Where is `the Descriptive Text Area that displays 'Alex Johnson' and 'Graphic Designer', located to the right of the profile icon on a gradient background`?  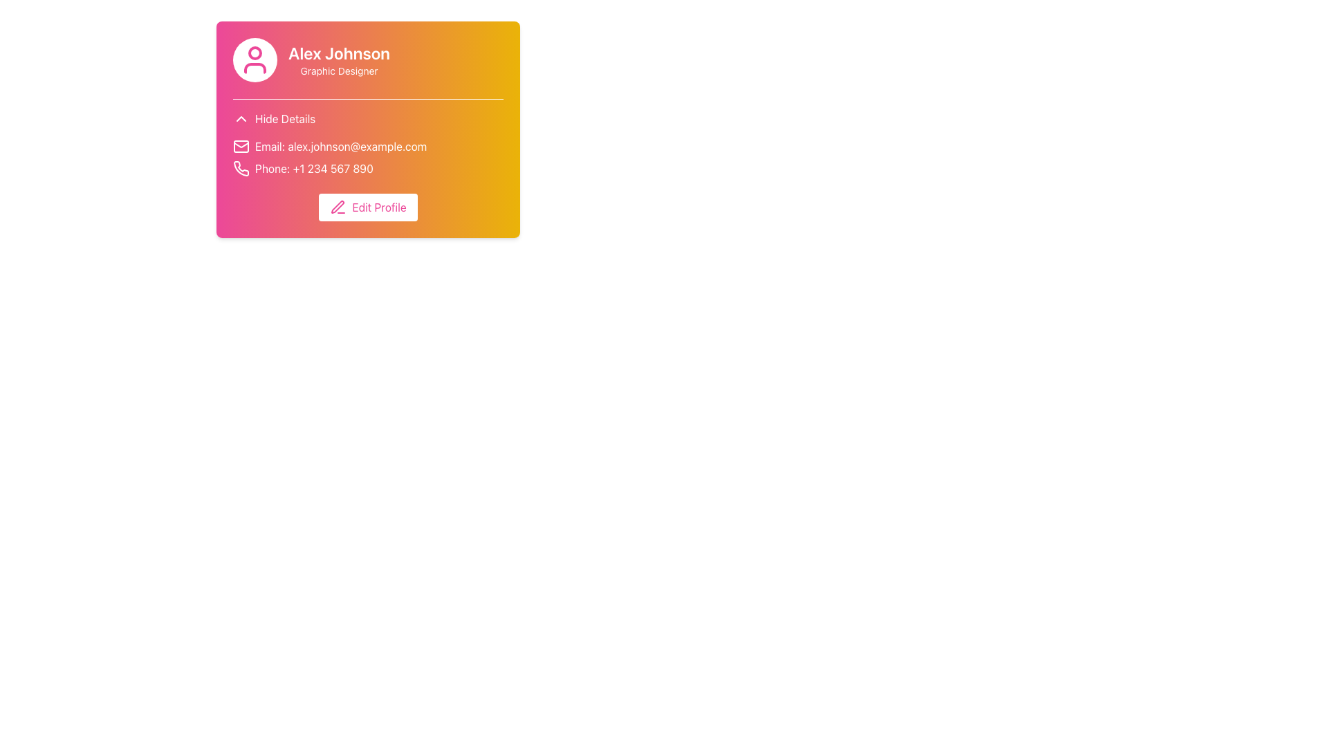 the Descriptive Text Area that displays 'Alex Johnson' and 'Graphic Designer', located to the right of the profile icon on a gradient background is located at coordinates (368, 59).